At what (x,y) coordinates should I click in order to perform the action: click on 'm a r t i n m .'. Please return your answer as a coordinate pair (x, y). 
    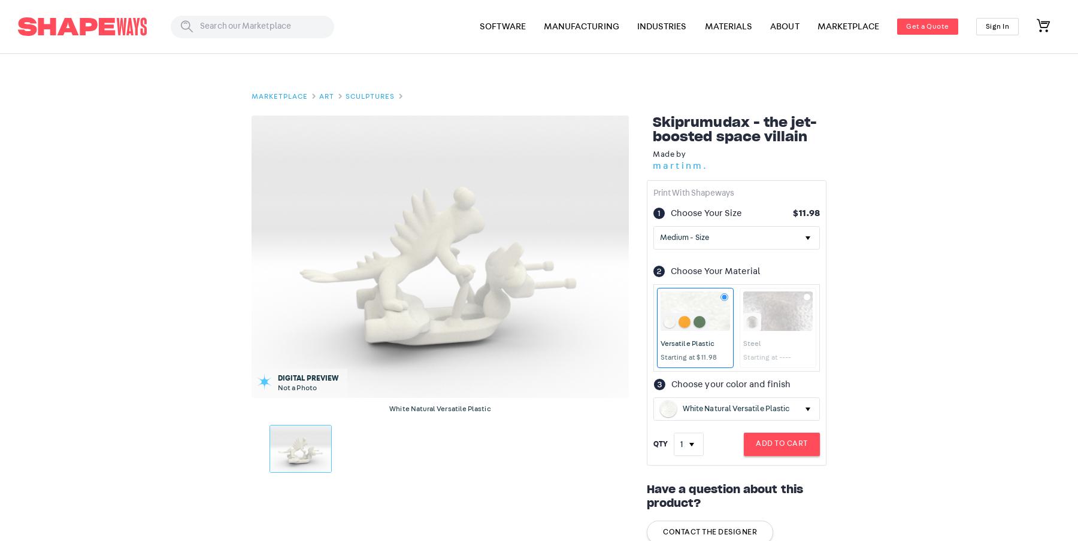
    Looking at the image, I should click on (679, 164).